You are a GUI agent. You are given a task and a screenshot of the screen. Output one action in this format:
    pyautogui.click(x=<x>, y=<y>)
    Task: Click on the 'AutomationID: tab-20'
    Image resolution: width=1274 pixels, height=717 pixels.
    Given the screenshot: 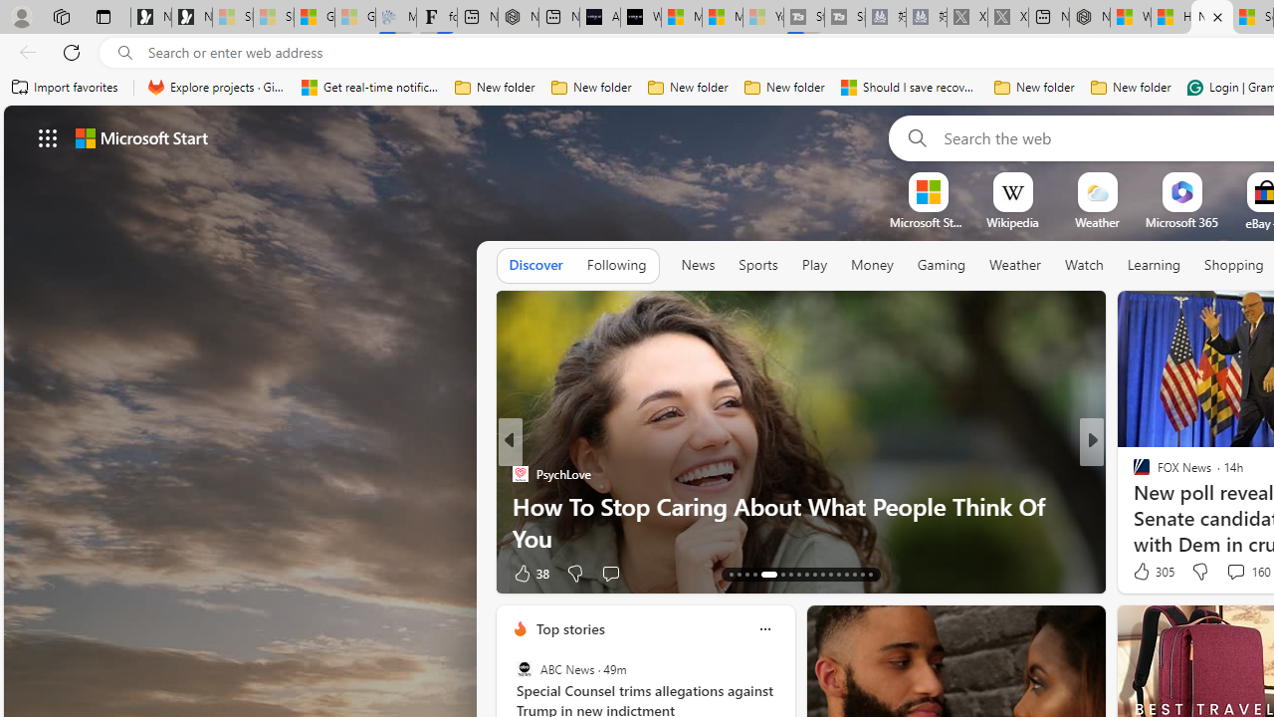 What is the action you would take?
    pyautogui.click(x=797, y=575)
    